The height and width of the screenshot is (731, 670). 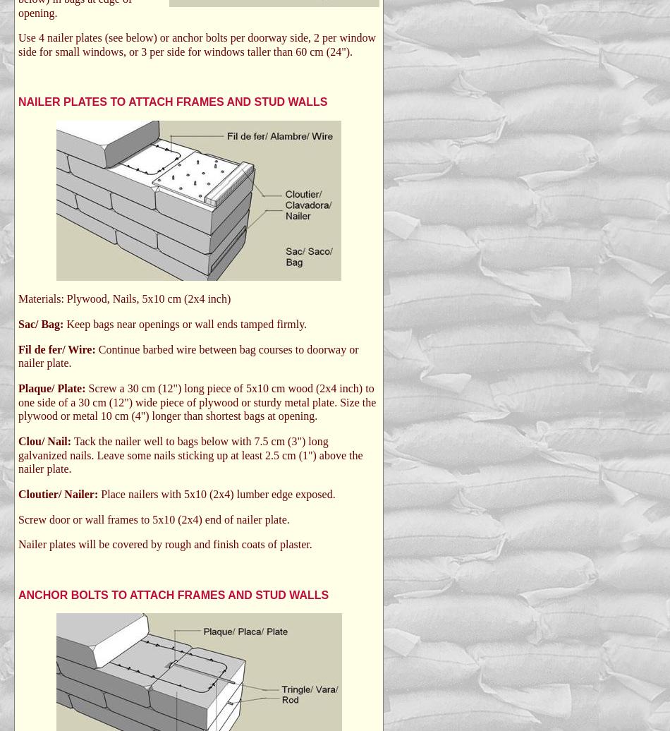 I want to click on 'Fil de fer/ Wire:', so click(x=58, y=349).